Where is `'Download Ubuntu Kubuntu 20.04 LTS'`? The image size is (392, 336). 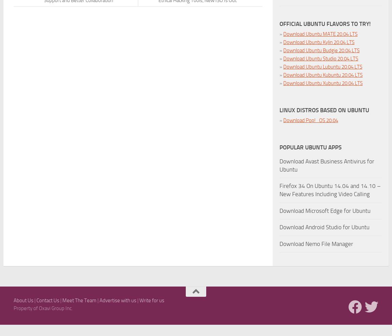 'Download Ubuntu Kubuntu 20.04 LTS' is located at coordinates (323, 75).